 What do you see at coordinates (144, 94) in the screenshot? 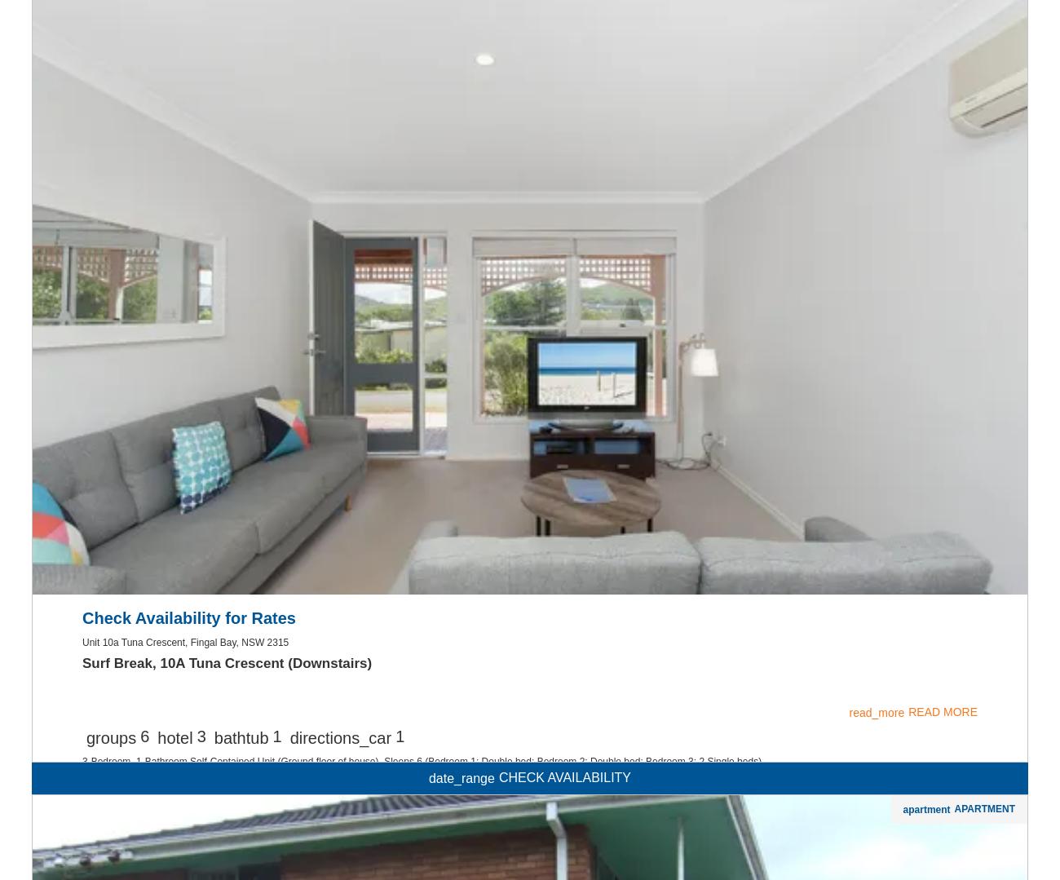
I see `'5'` at bounding box center [144, 94].